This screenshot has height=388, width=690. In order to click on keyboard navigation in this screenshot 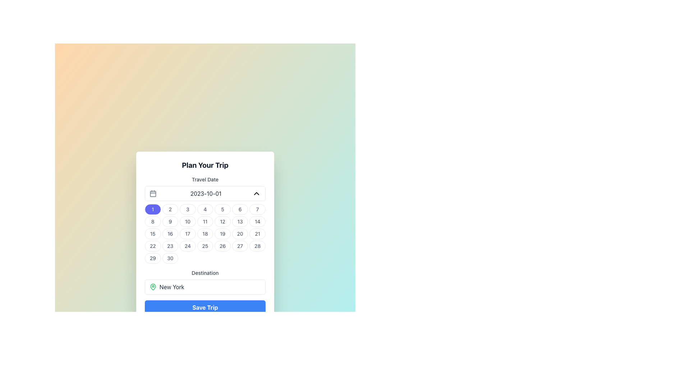, I will do `click(210, 286)`.